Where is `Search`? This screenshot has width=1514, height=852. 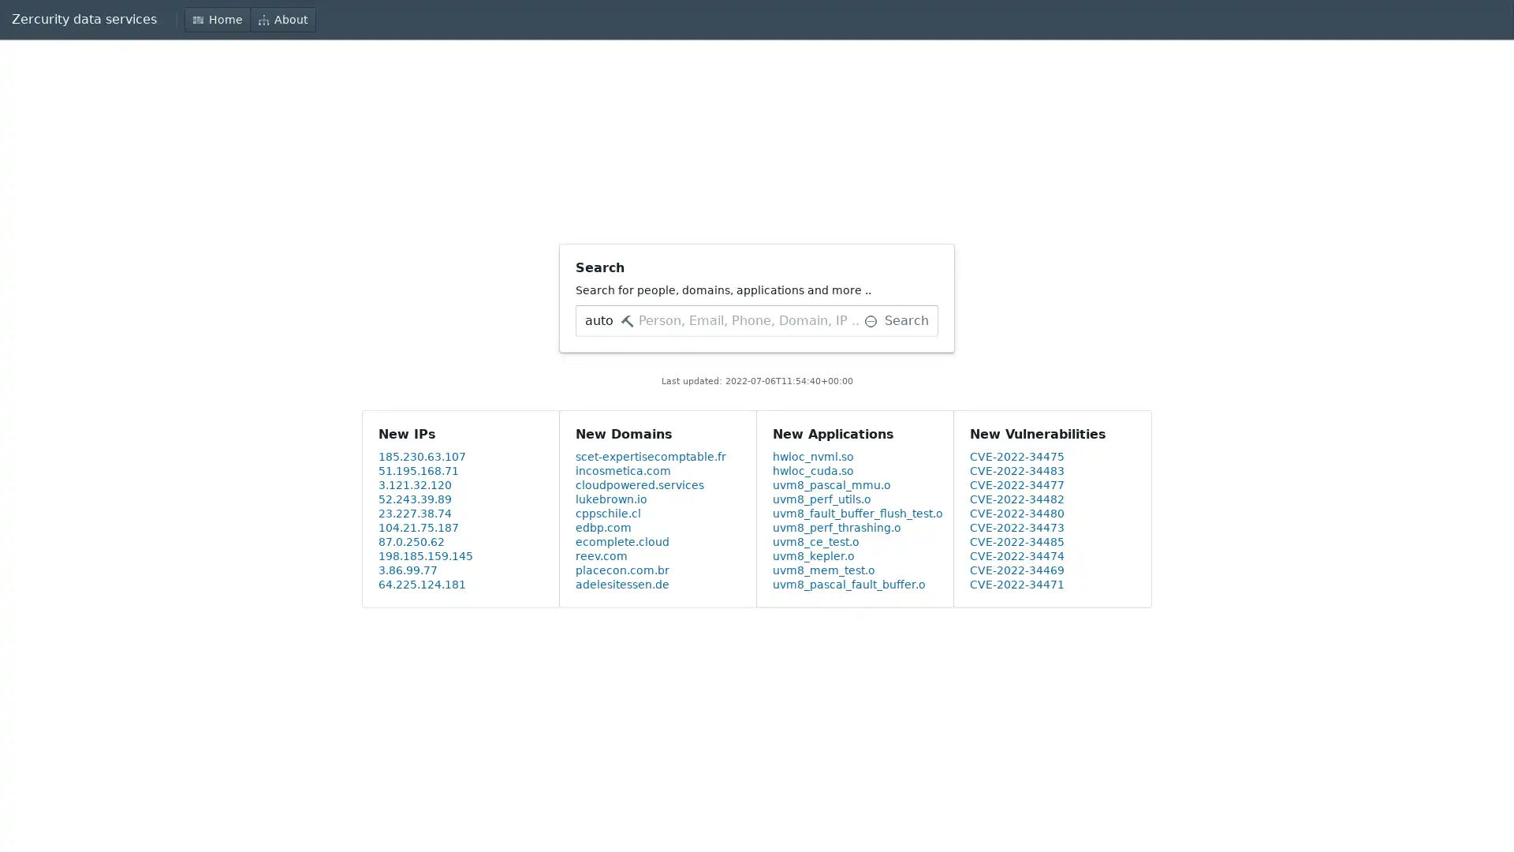
Search is located at coordinates (897, 319).